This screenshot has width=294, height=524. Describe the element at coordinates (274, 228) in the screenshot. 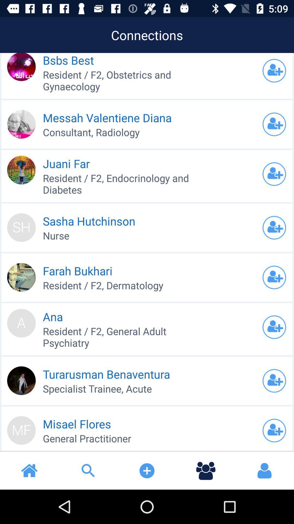

I see `etc` at that location.